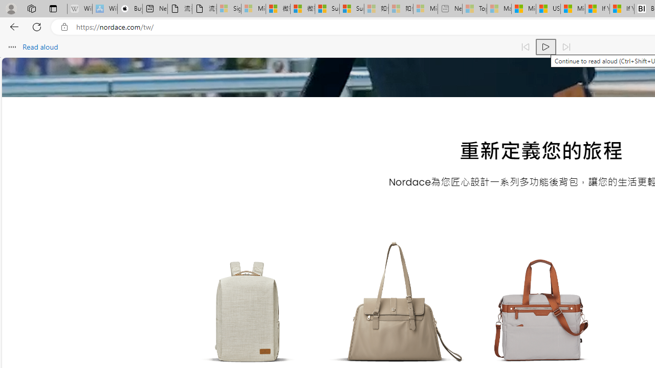  Describe the element at coordinates (548, 9) in the screenshot. I see `'US Heat Deaths Soared To Record High Last Year'` at that location.